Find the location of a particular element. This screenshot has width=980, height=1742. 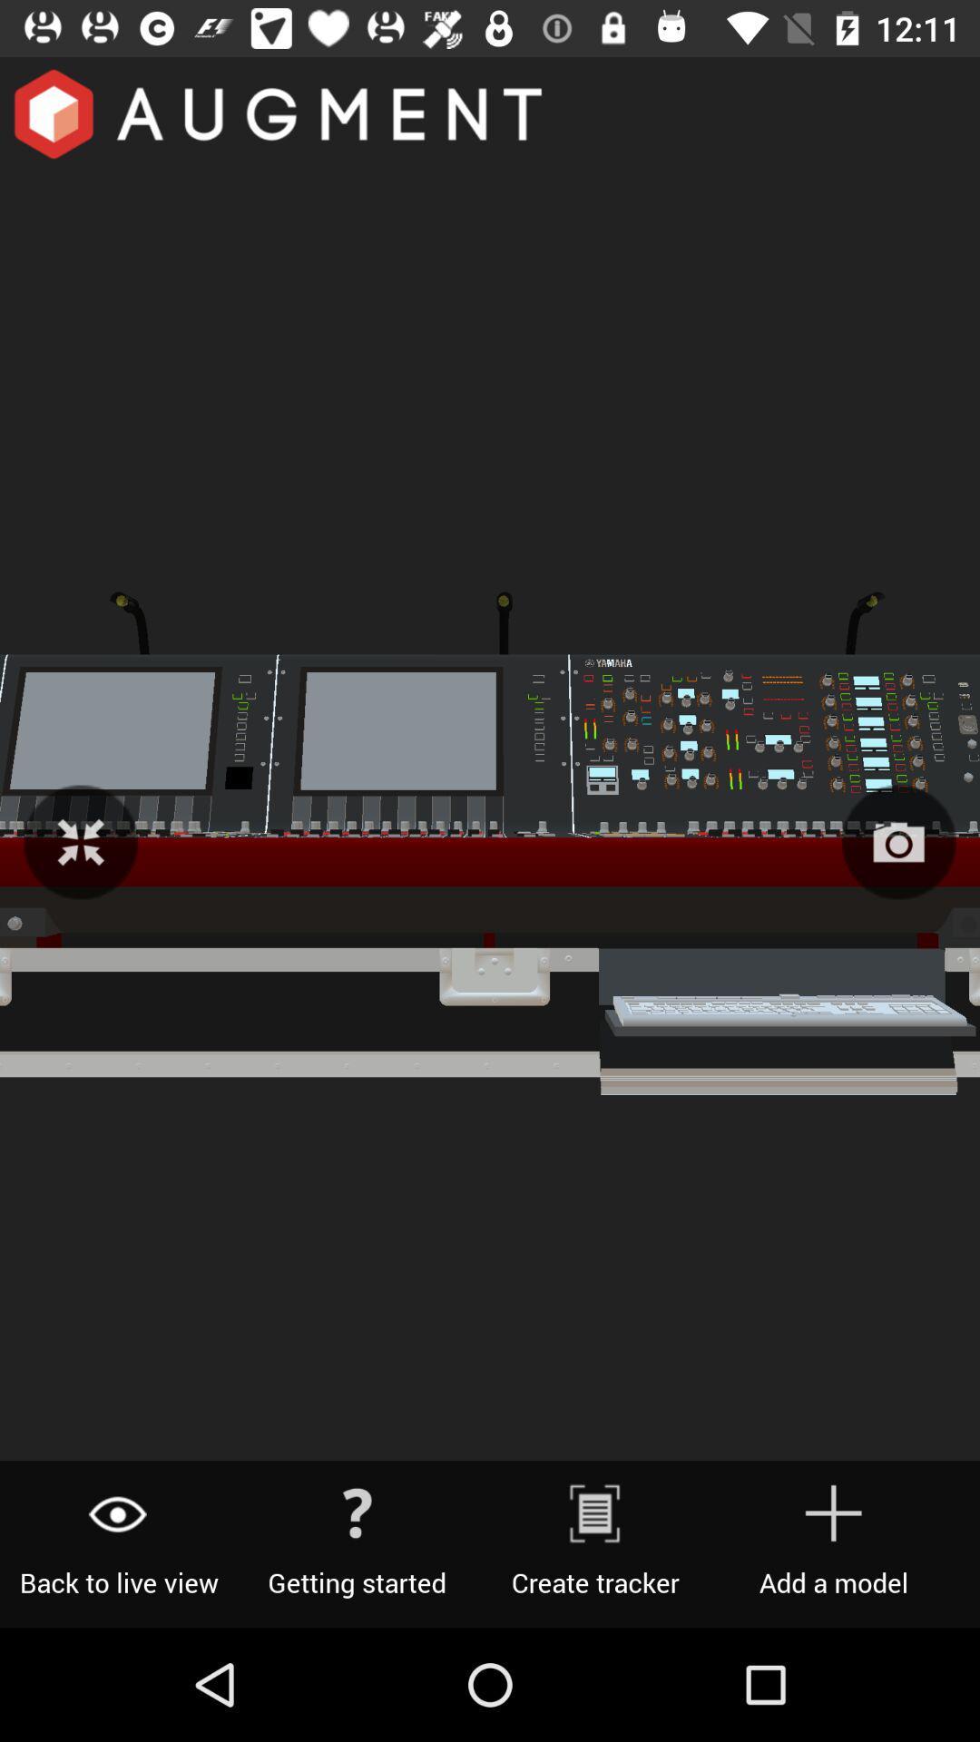

the photo icon is located at coordinates (898, 841).